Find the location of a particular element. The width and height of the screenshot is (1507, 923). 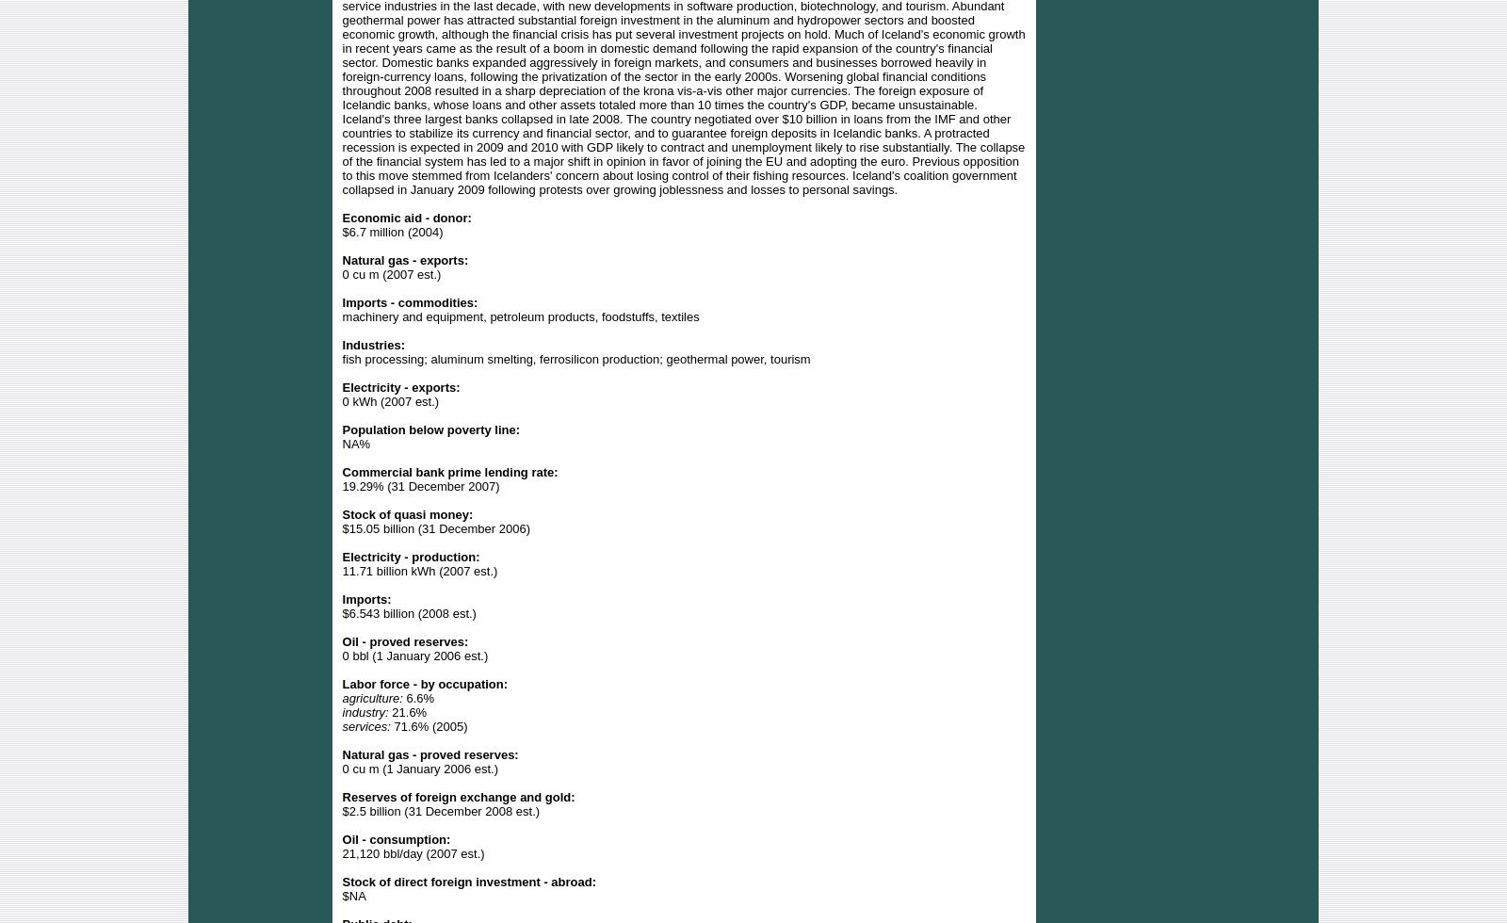

'0 bbl (1 January 2006 est.)' is located at coordinates (413, 655).